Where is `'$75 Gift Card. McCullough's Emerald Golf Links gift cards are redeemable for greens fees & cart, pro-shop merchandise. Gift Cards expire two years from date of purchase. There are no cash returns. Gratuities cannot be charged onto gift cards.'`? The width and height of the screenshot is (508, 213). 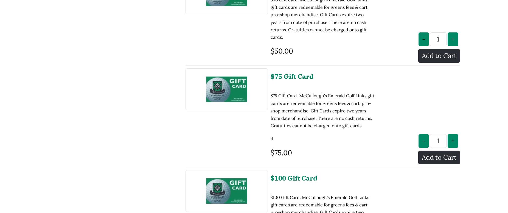
'$75 Gift Card. McCullough's Emerald Golf Links gift cards are redeemable for greens fees & cart, pro-shop merchandise. Gift Cards expire two years from date of purchase. There are no cash returns. Gratuities cannot be charged onto gift cards.' is located at coordinates (270, 65).